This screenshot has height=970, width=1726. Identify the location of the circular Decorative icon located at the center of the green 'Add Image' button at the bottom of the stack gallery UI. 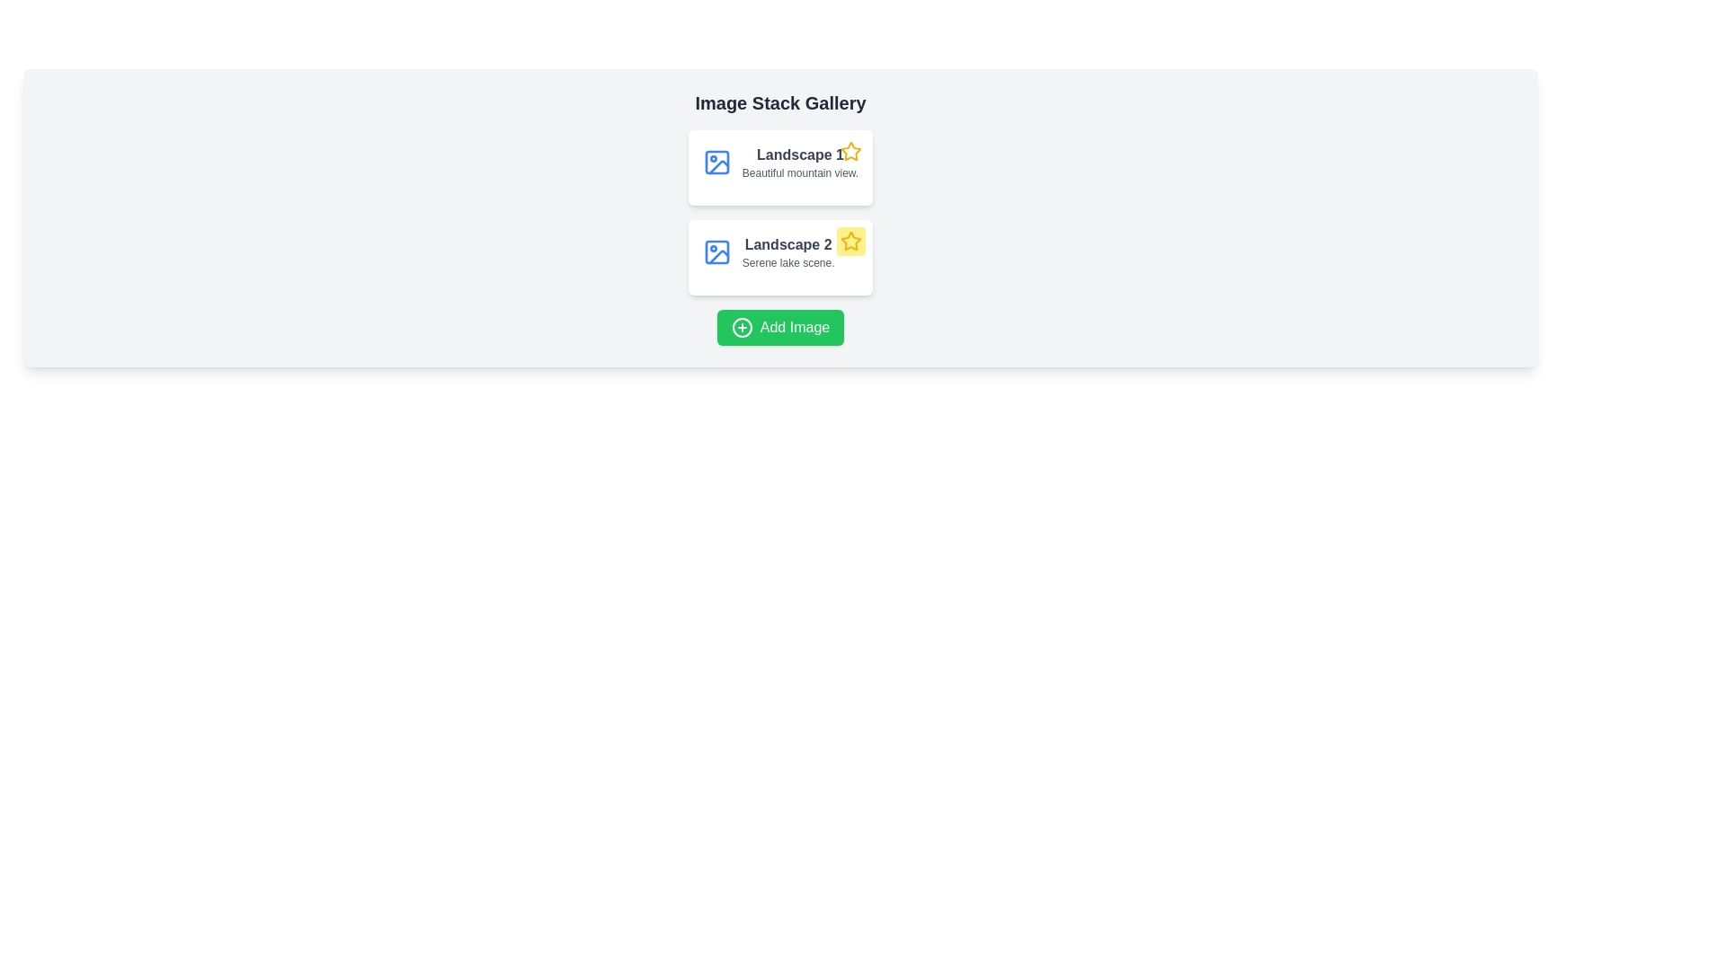
(742, 328).